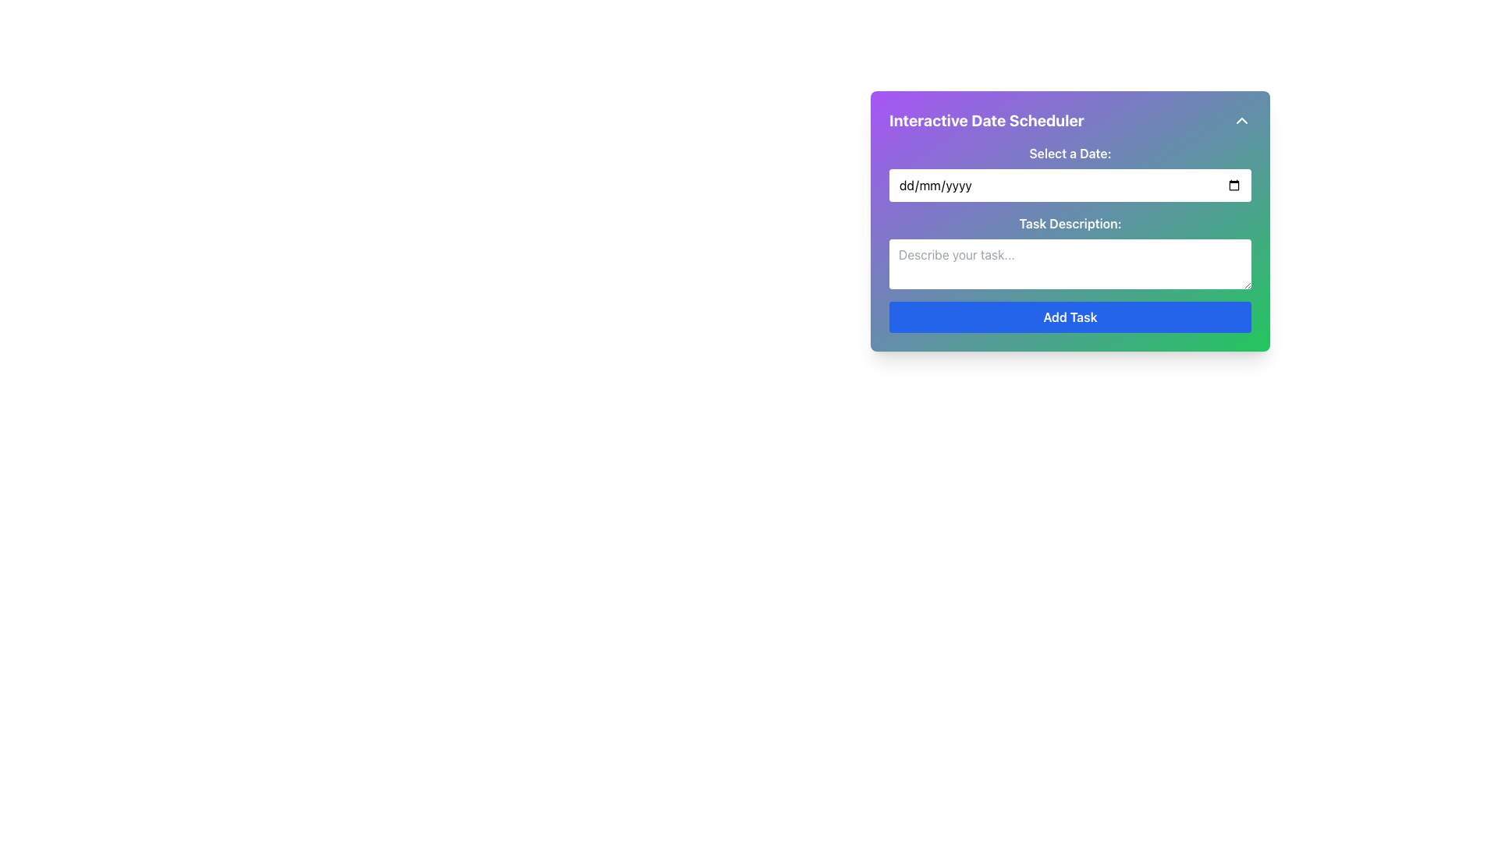 Image resolution: width=1498 pixels, height=842 pixels. What do you see at coordinates (1070, 223) in the screenshot?
I see `the text label displaying 'Task Description:'` at bounding box center [1070, 223].